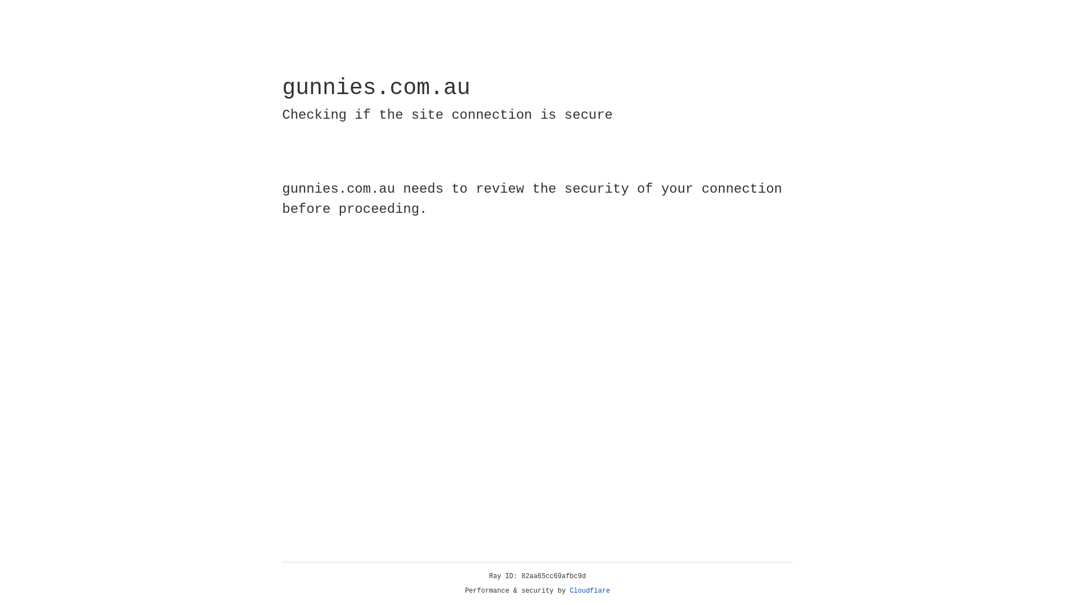 The width and height of the screenshot is (1075, 605). What do you see at coordinates (590, 590) in the screenshot?
I see `'Cloudflare'` at bounding box center [590, 590].